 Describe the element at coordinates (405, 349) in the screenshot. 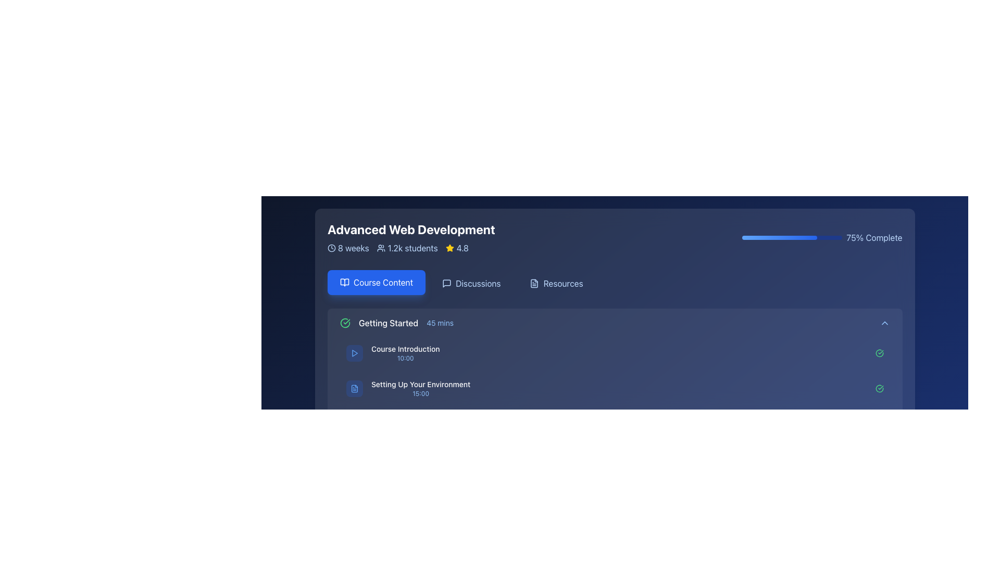

I see `the text label element displaying 'Course Introduction', which is styled in white color and located under the 'Getting Started' section of the course topics` at that location.